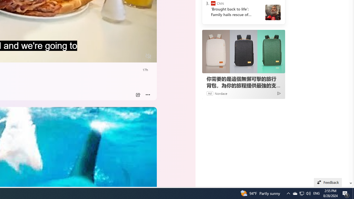  I want to click on 'Ad Choice', so click(279, 93).